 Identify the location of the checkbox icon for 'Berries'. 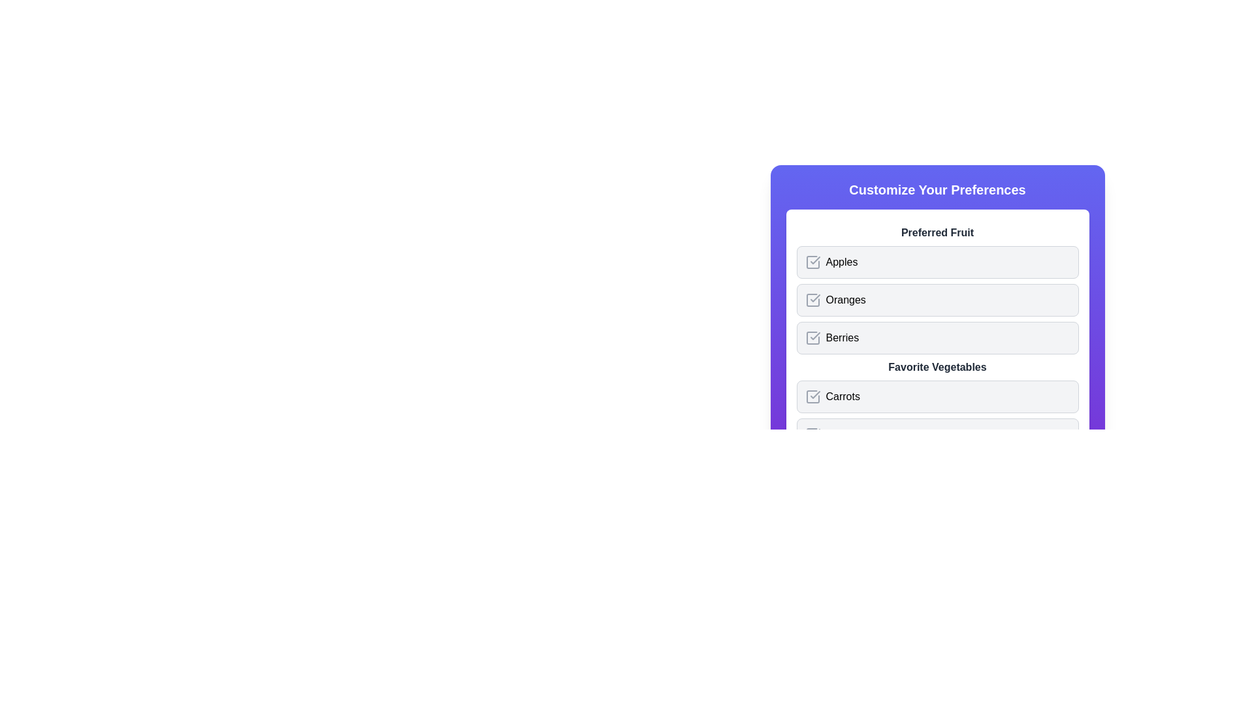
(812, 337).